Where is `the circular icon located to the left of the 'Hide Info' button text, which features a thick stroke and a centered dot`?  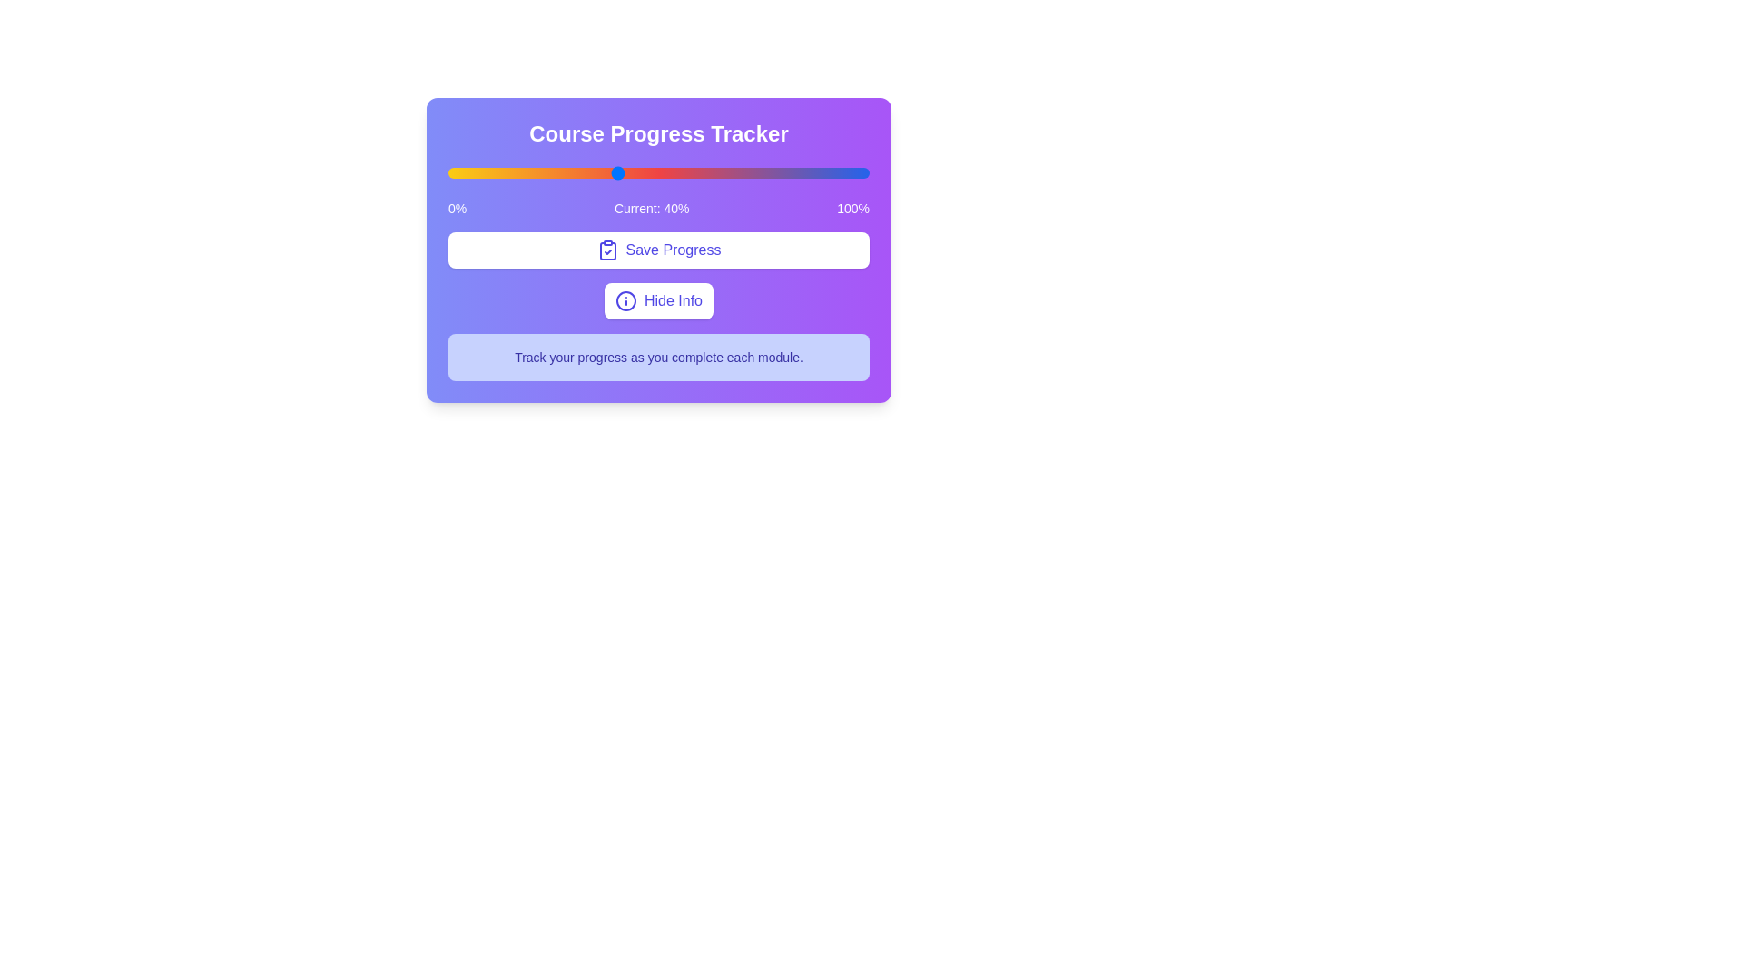 the circular icon located to the left of the 'Hide Info' button text, which features a thick stroke and a centered dot is located at coordinates (626, 299).